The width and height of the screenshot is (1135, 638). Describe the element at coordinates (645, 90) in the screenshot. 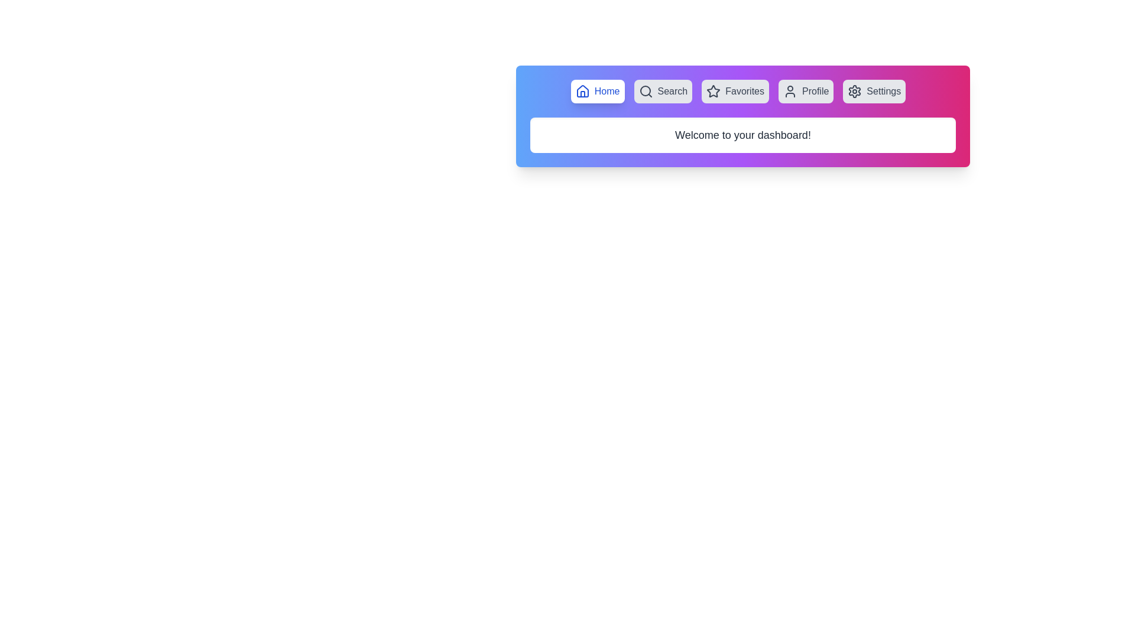

I see `the search icon` at that location.